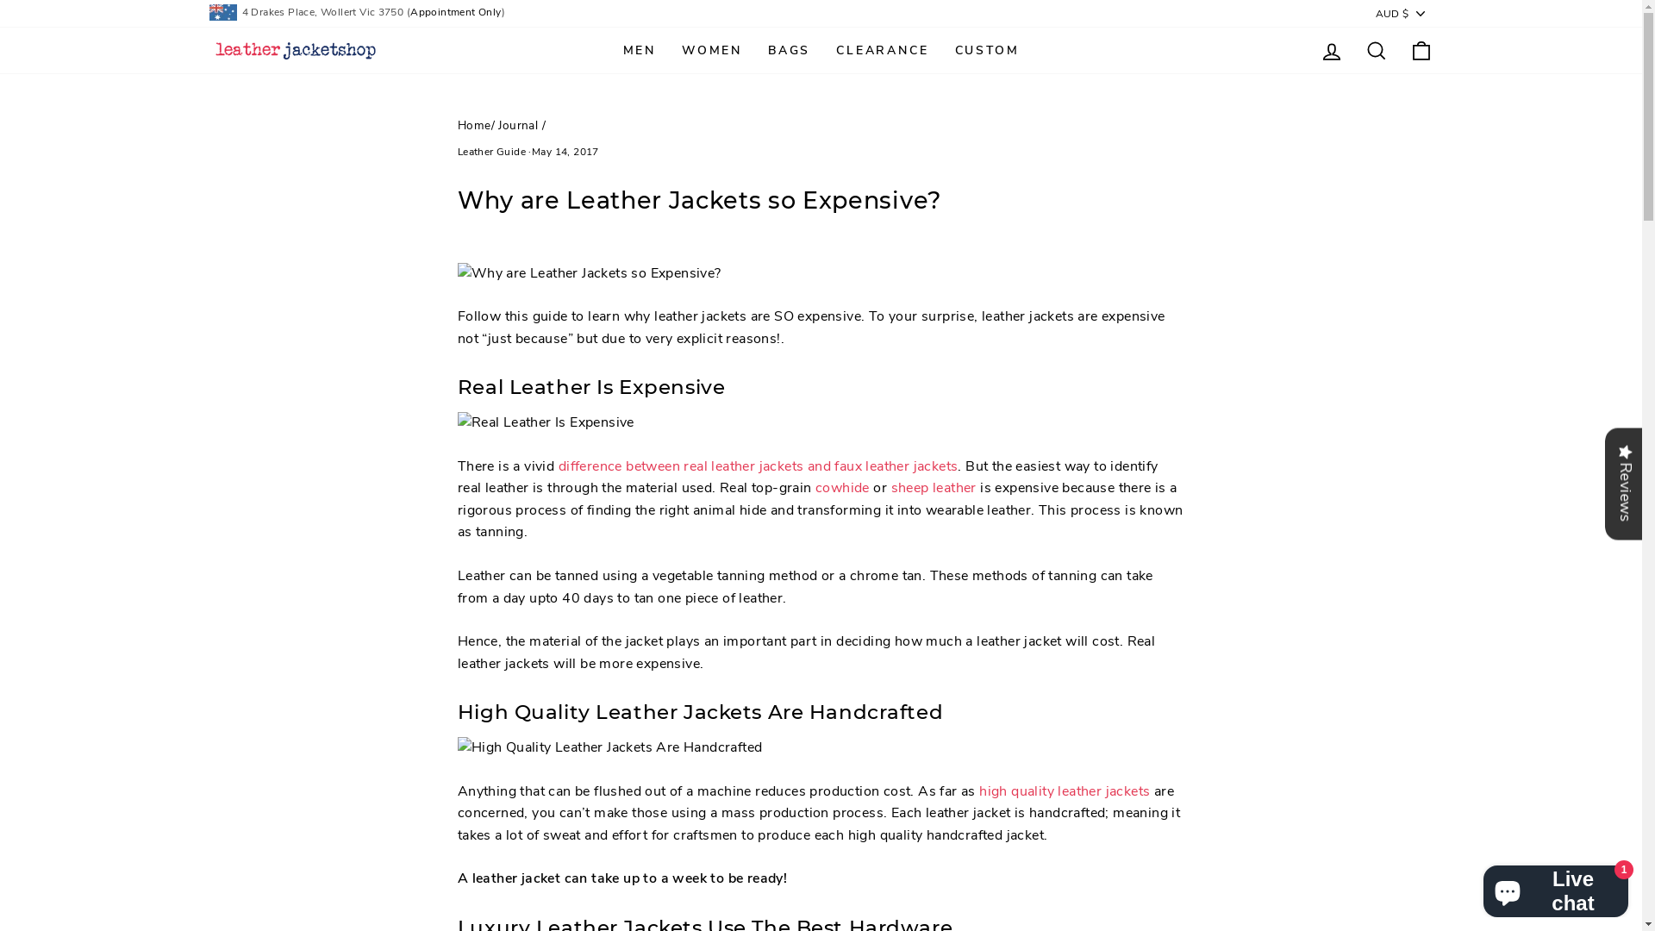  What do you see at coordinates (409, 12) in the screenshot?
I see `'Appointment Only'` at bounding box center [409, 12].